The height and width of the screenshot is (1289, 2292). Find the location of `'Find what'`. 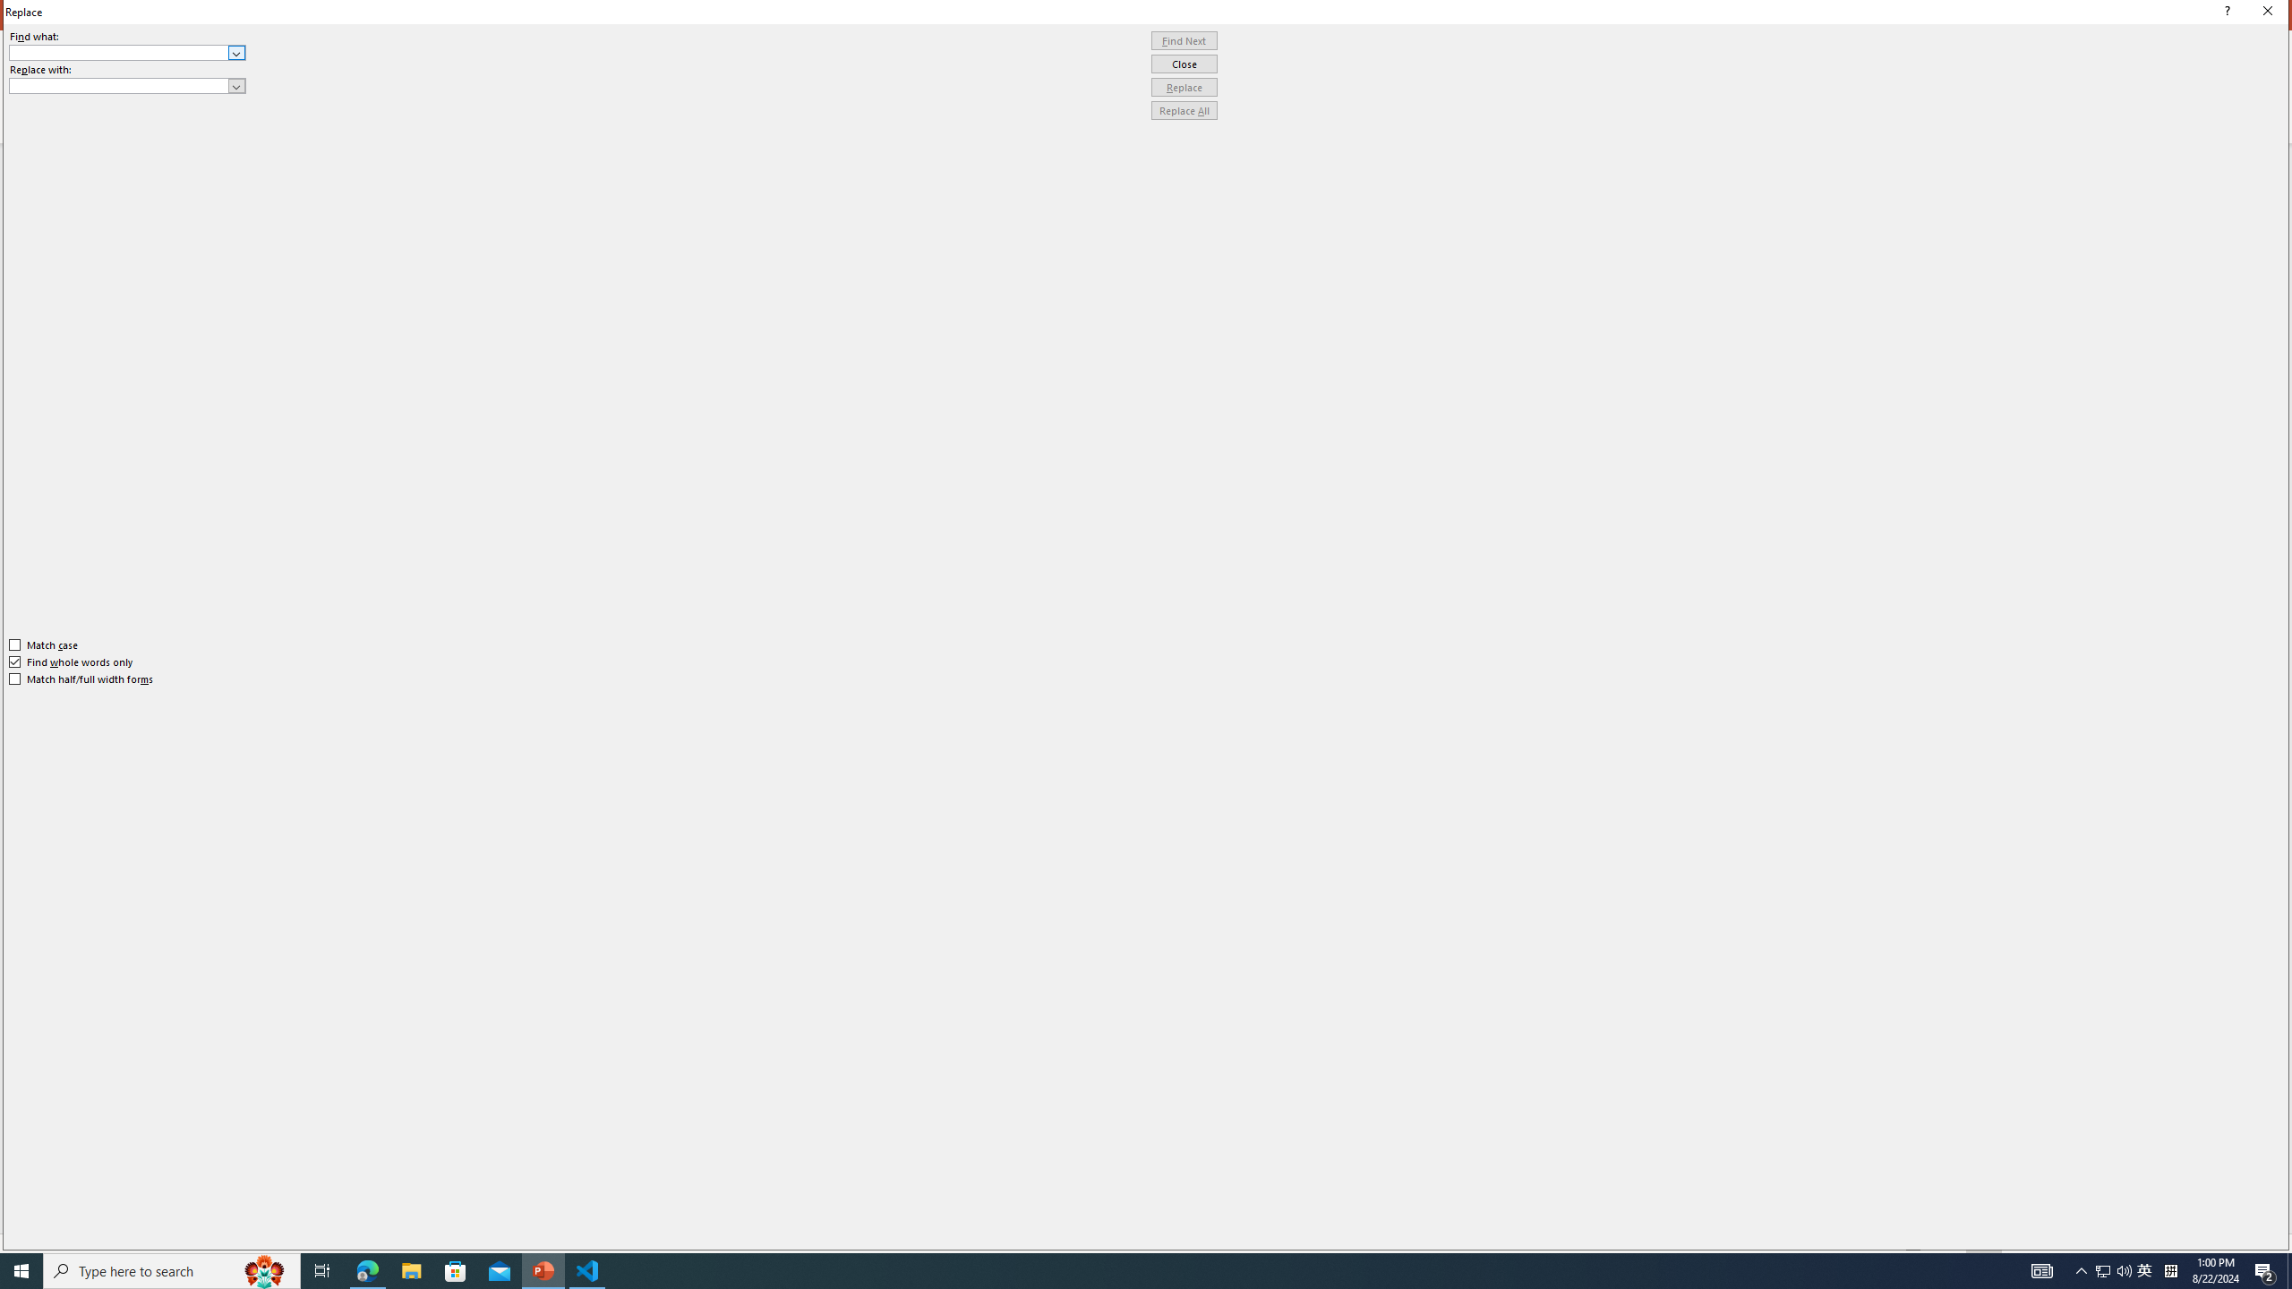

'Find what' is located at coordinates (127, 52).